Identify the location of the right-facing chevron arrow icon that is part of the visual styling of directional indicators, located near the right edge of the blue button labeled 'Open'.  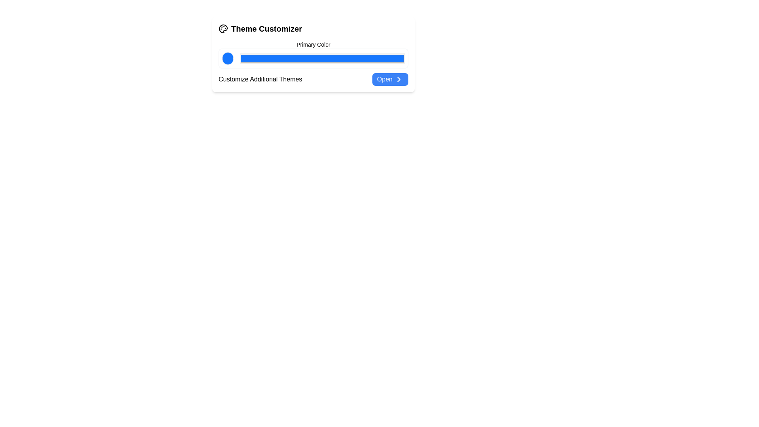
(398, 79).